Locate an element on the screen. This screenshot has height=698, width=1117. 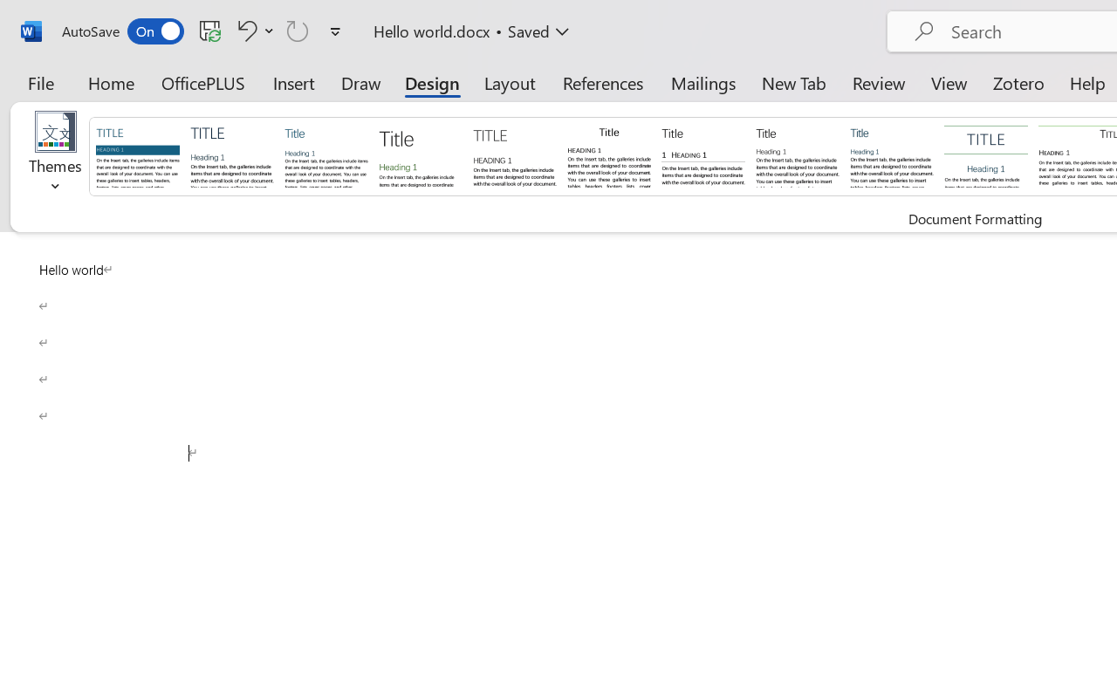
'Basic (Stylish)' is located at coordinates (420, 154).